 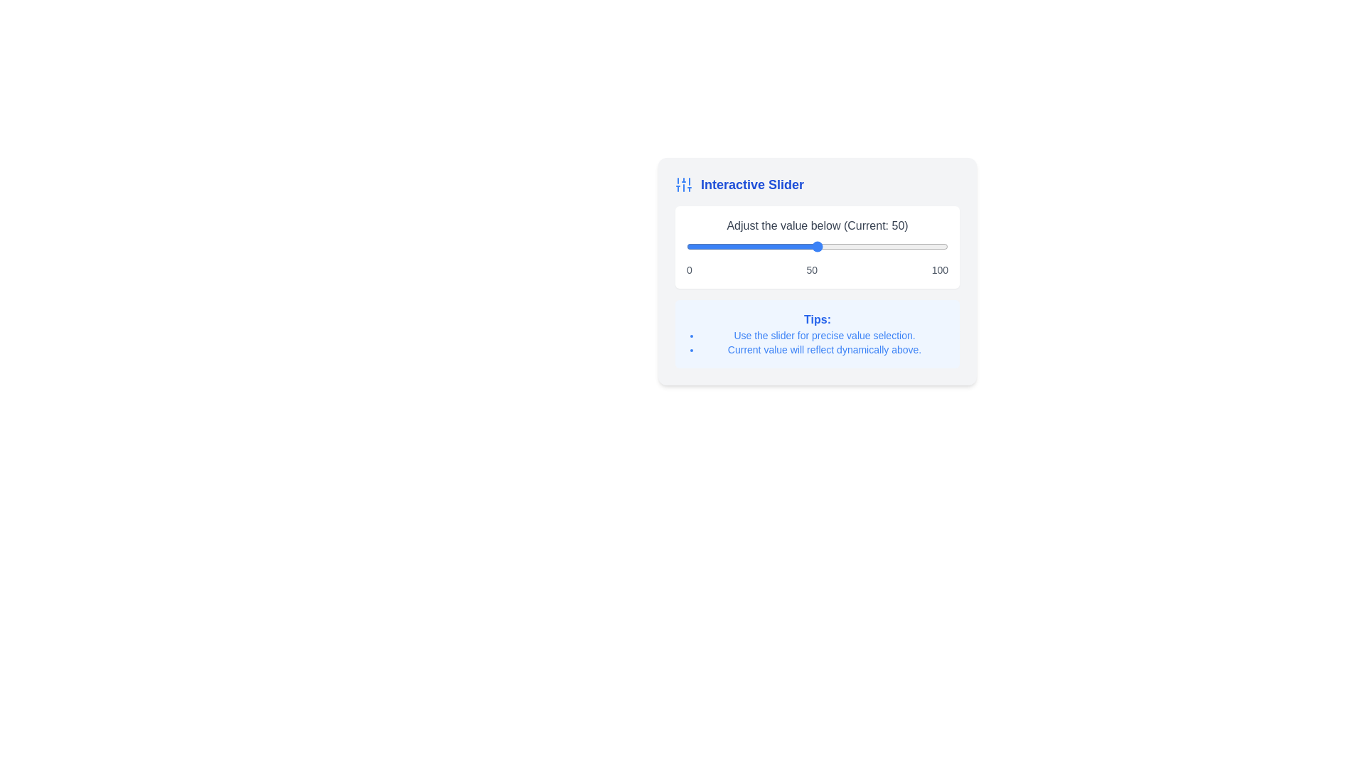 What do you see at coordinates (710, 246) in the screenshot?
I see `the slider value` at bounding box center [710, 246].